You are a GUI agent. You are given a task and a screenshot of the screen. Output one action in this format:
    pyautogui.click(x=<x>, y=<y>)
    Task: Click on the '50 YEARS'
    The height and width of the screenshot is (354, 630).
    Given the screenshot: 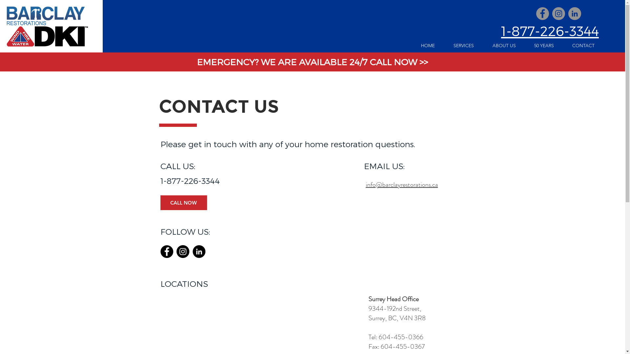 What is the action you would take?
    pyautogui.click(x=544, y=45)
    